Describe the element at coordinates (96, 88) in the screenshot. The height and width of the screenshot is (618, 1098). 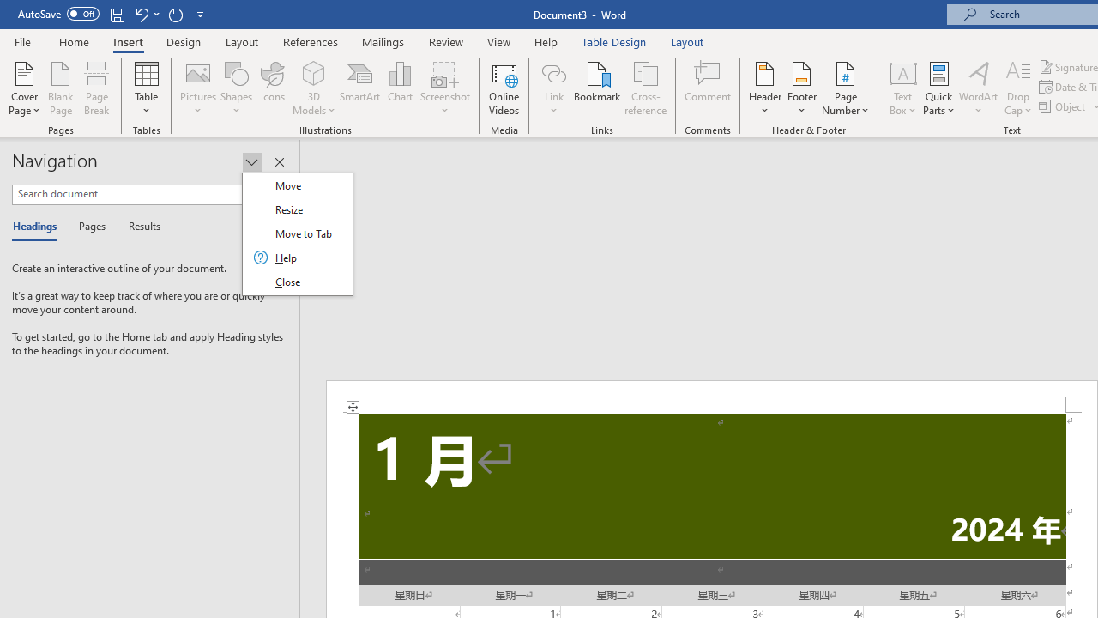
I see `'Page Break'` at that location.